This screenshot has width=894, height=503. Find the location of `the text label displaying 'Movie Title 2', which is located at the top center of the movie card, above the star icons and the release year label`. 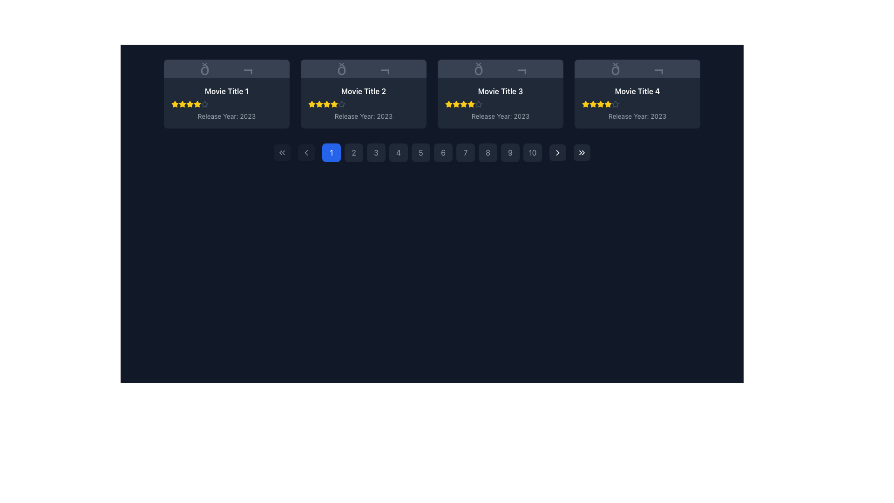

the text label displaying 'Movie Title 2', which is located at the top center of the movie card, above the star icons and the release year label is located at coordinates (363, 91).